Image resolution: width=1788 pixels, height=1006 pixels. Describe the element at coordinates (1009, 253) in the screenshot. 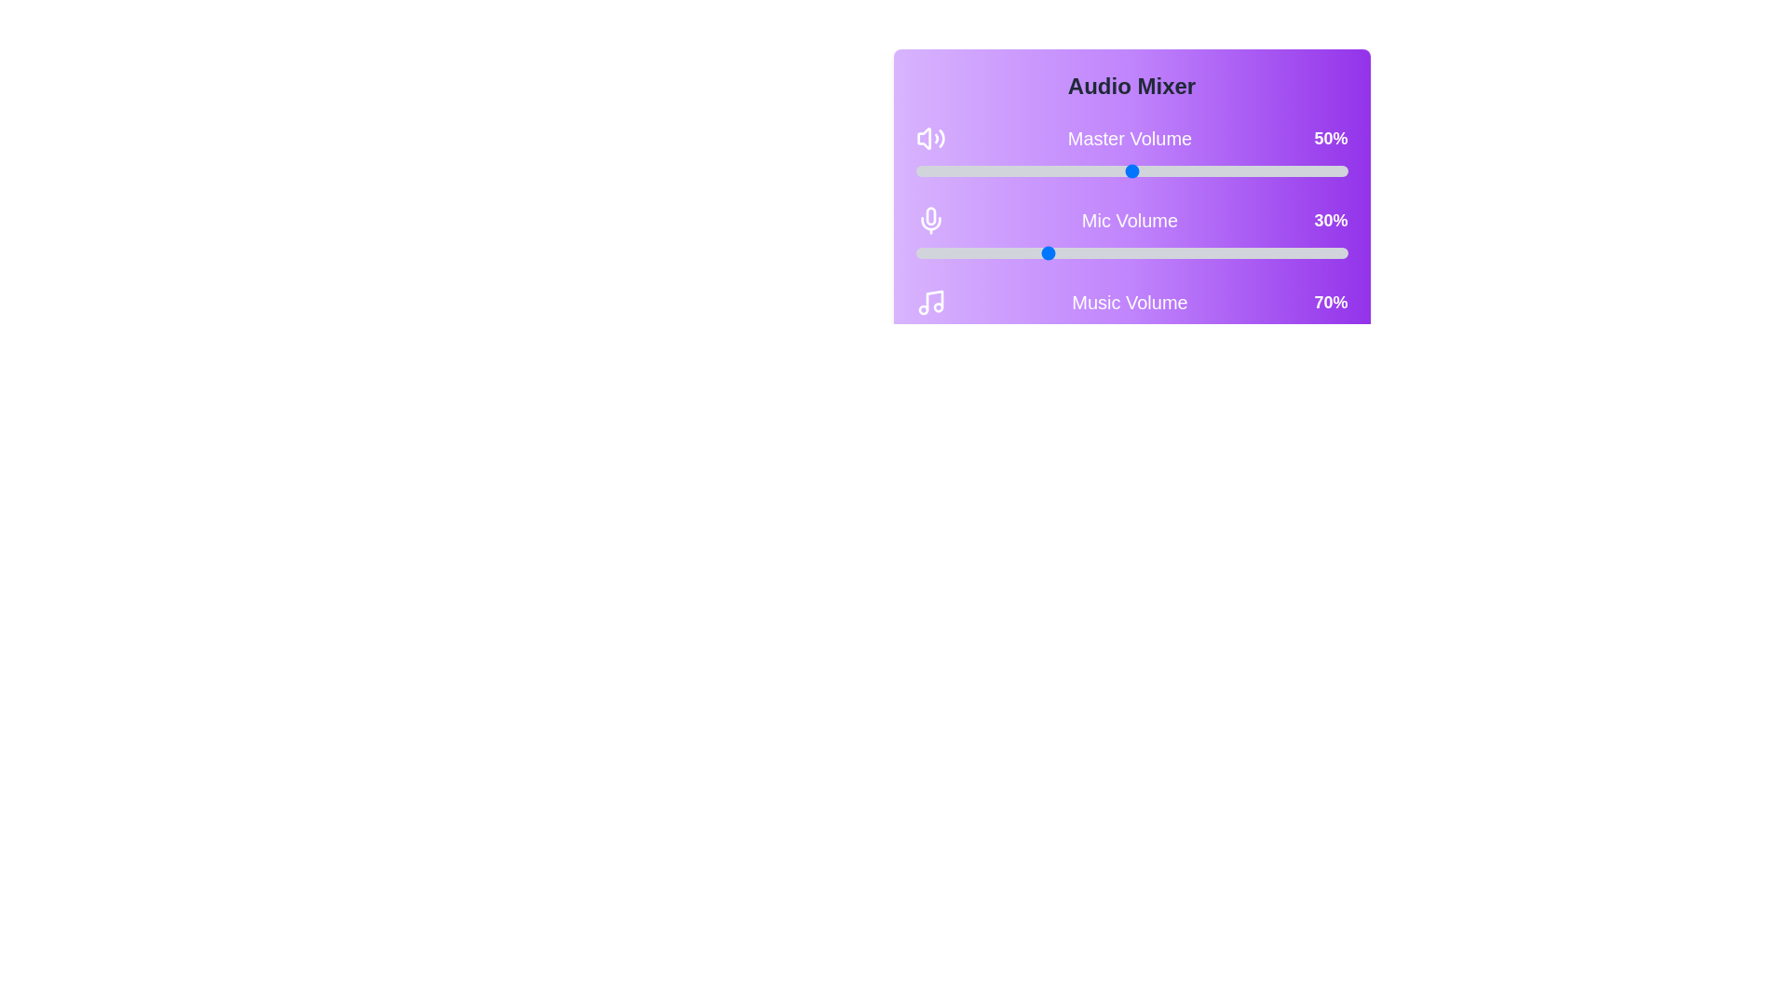

I see `the microphone volume level` at that location.